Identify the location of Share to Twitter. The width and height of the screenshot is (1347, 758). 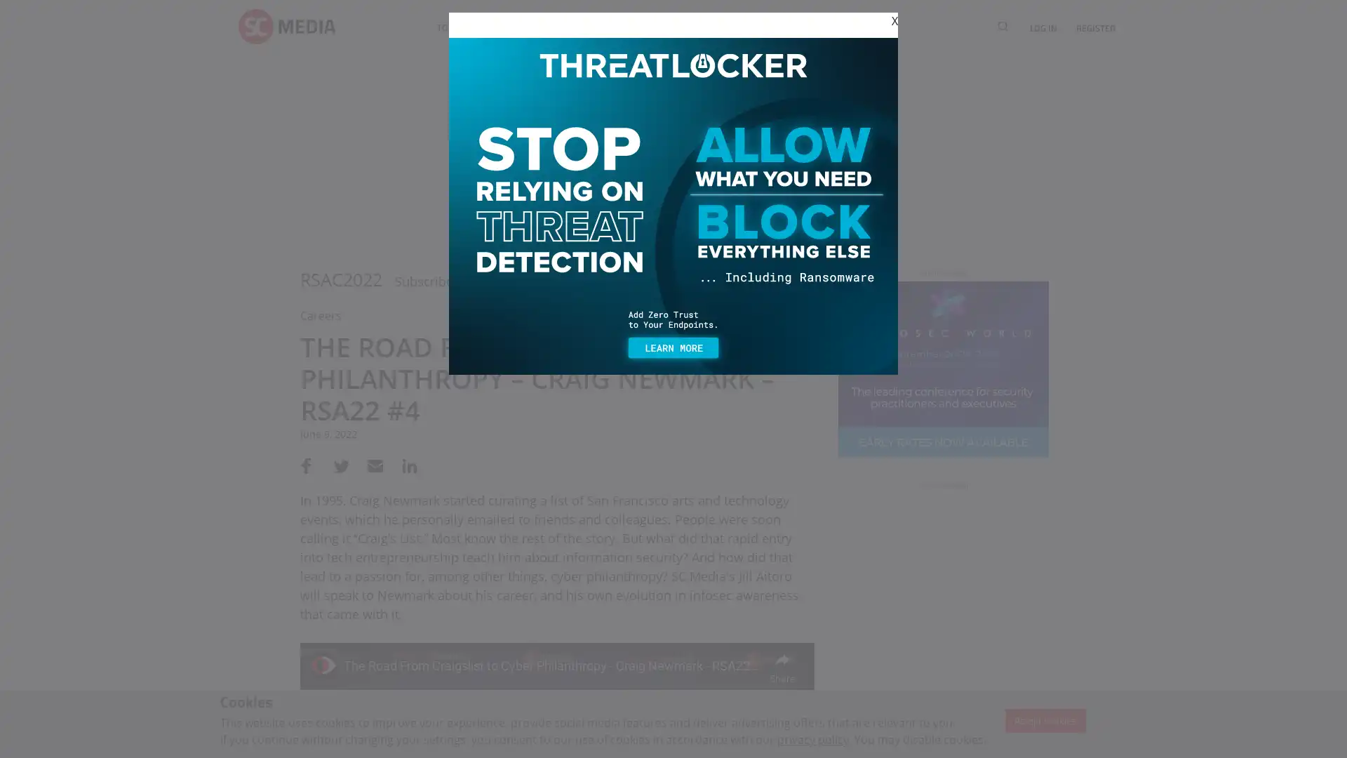
(339, 465).